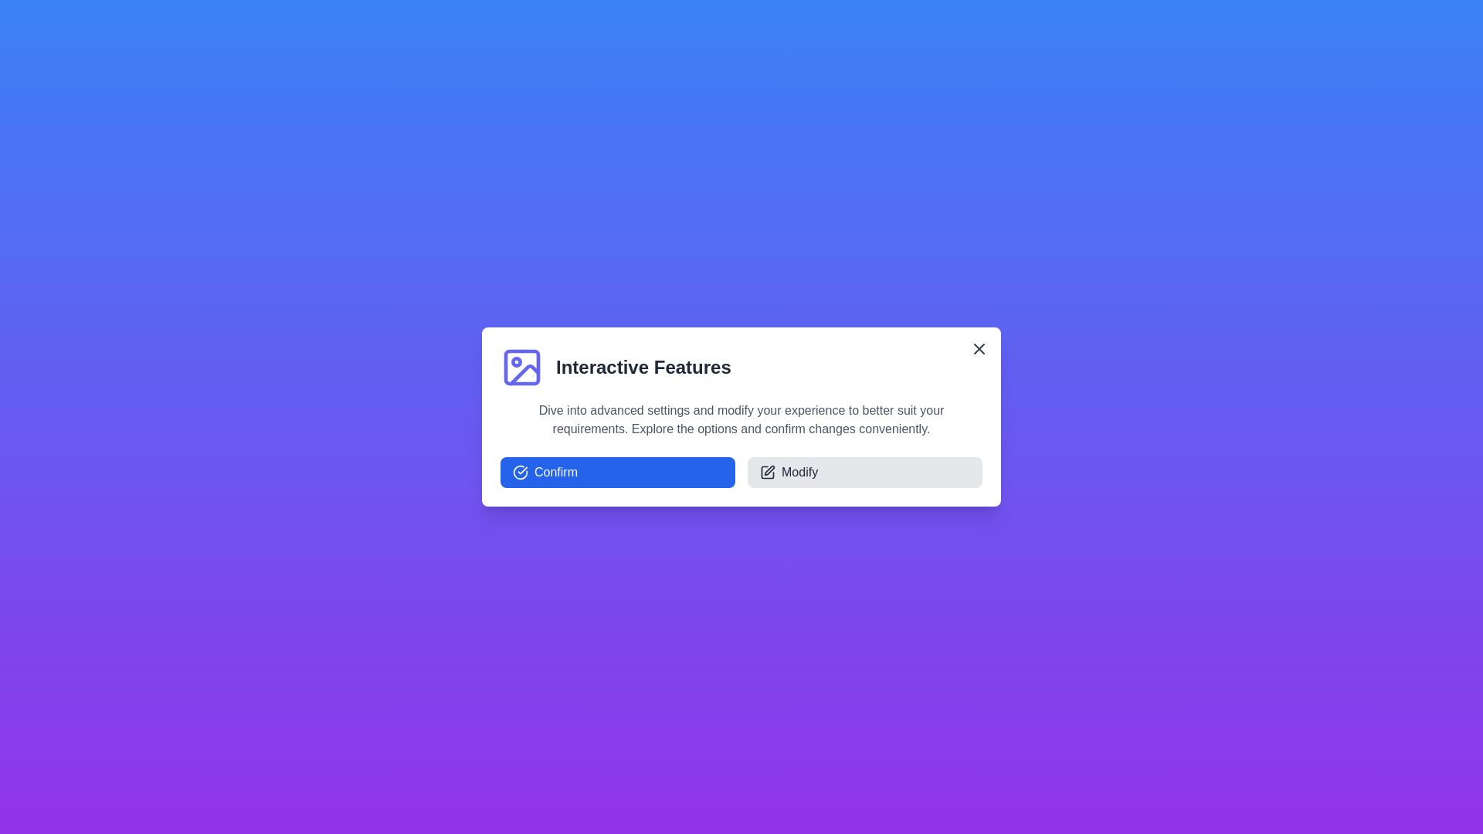 This screenshot has width=1483, height=834. What do you see at coordinates (864, 472) in the screenshot?
I see `the 'Modify' button to modify settings` at bounding box center [864, 472].